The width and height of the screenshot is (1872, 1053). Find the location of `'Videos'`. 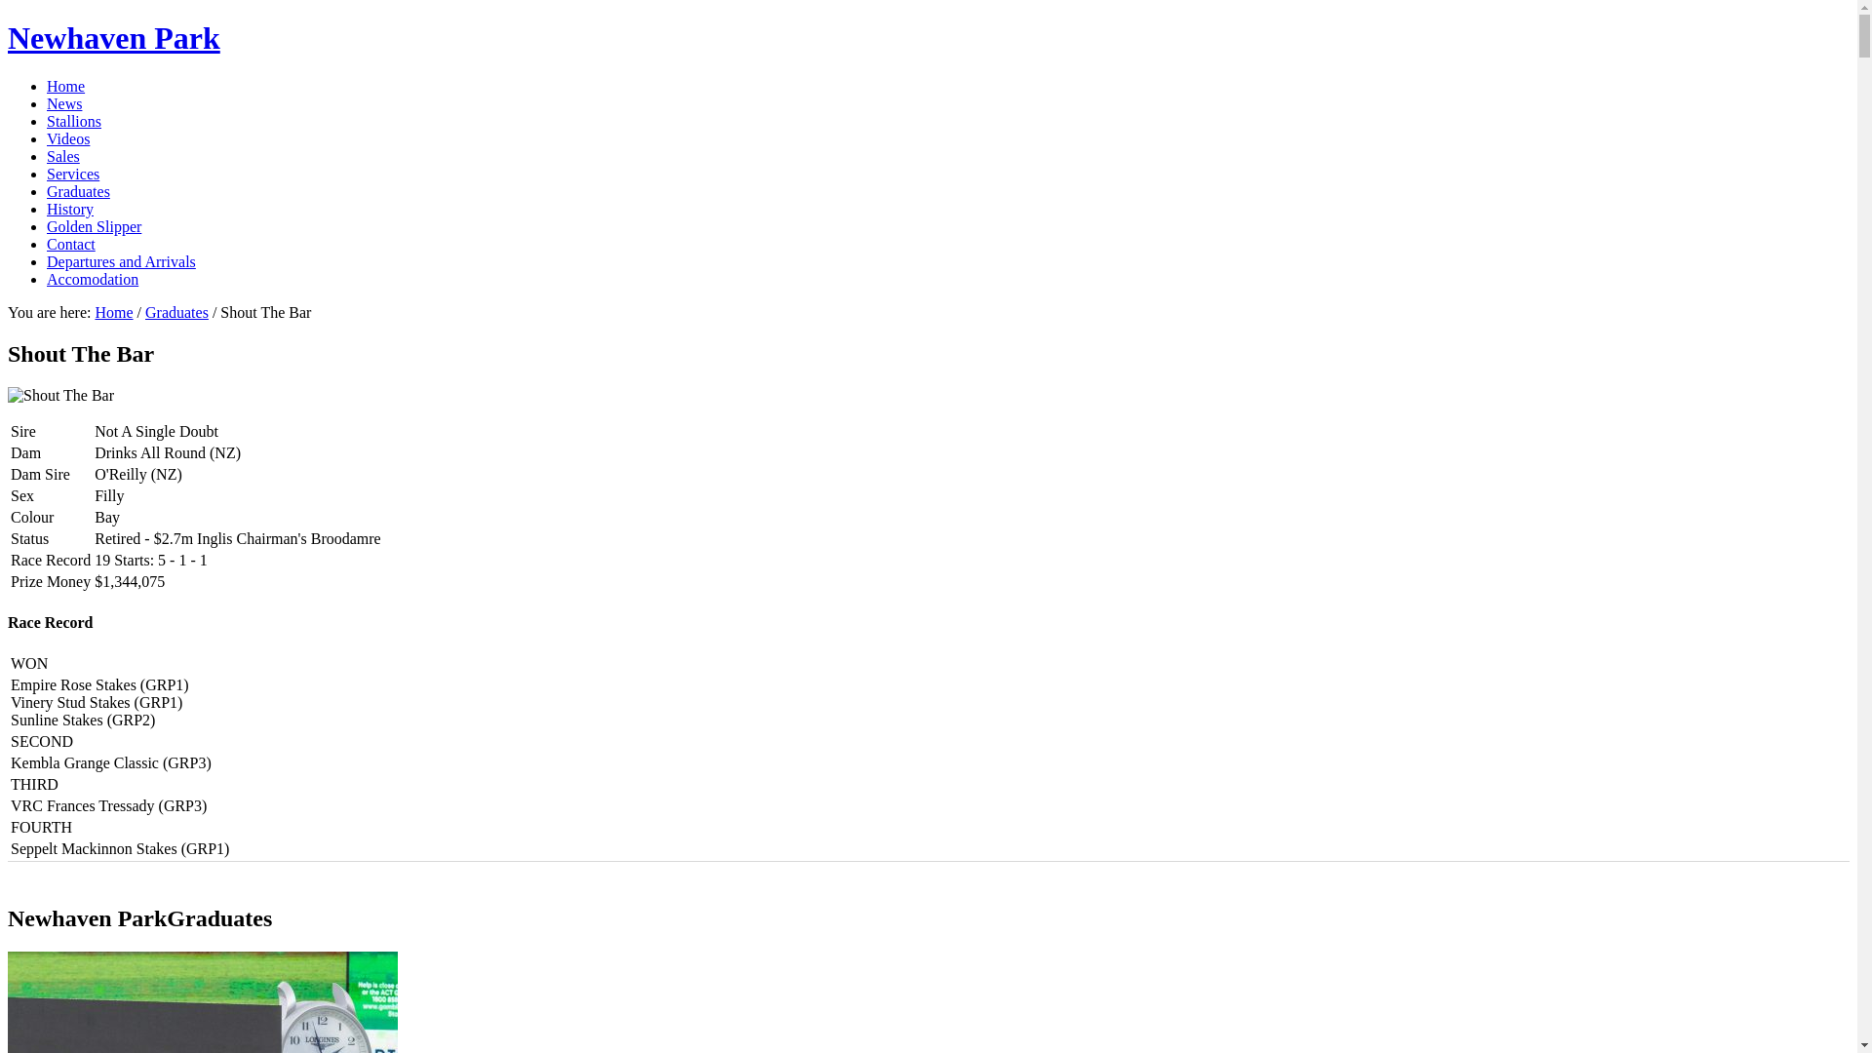

'Videos' is located at coordinates (68, 137).